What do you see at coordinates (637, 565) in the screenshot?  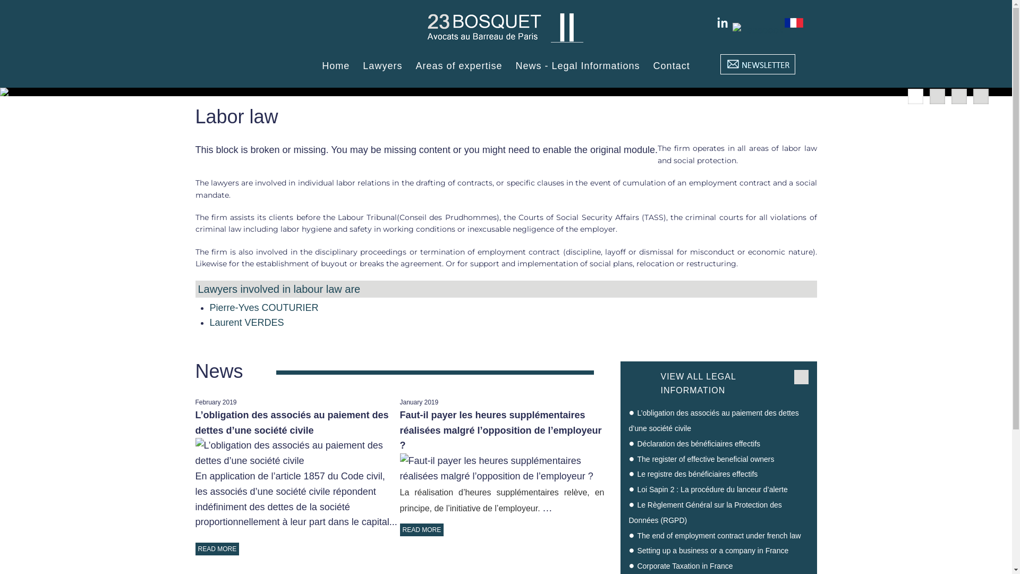 I see `'Corporate Taxation in France'` at bounding box center [637, 565].